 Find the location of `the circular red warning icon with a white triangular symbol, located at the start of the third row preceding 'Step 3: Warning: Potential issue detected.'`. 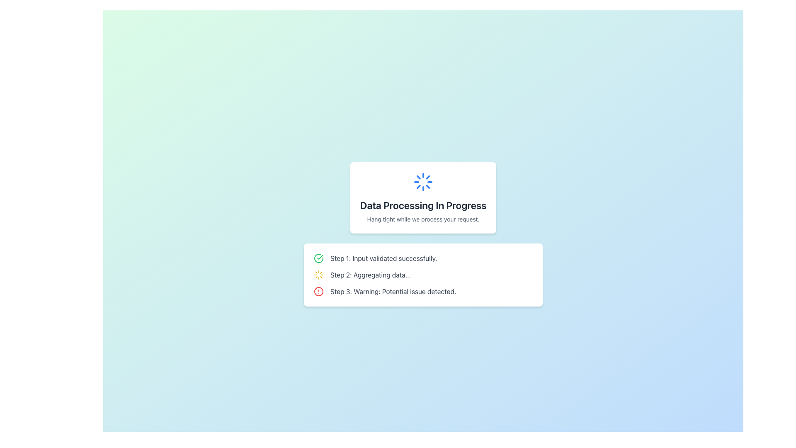

the circular red warning icon with a white triangular symbol, located at the start of the third row preceding 'Step 3: Warning: Potential issue detected.' is located at coordinates (318, 291).